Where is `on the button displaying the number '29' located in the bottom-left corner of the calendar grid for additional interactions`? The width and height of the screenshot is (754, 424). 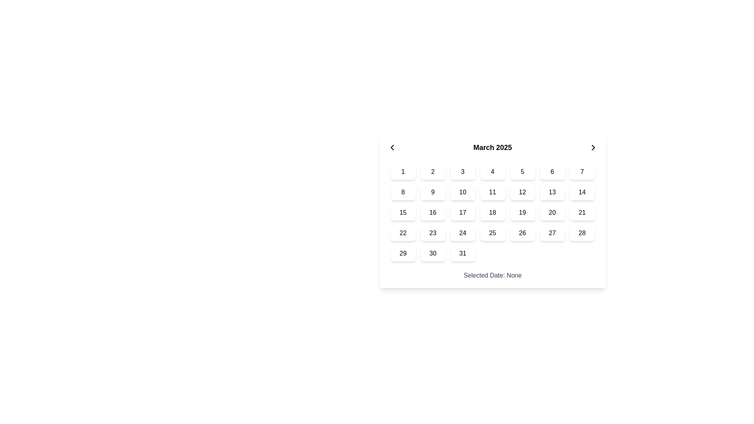 on the button displaying the number '29' located in the bottom-left corner of the calendar grid for additional interactions is located at coordinates (403, 253).